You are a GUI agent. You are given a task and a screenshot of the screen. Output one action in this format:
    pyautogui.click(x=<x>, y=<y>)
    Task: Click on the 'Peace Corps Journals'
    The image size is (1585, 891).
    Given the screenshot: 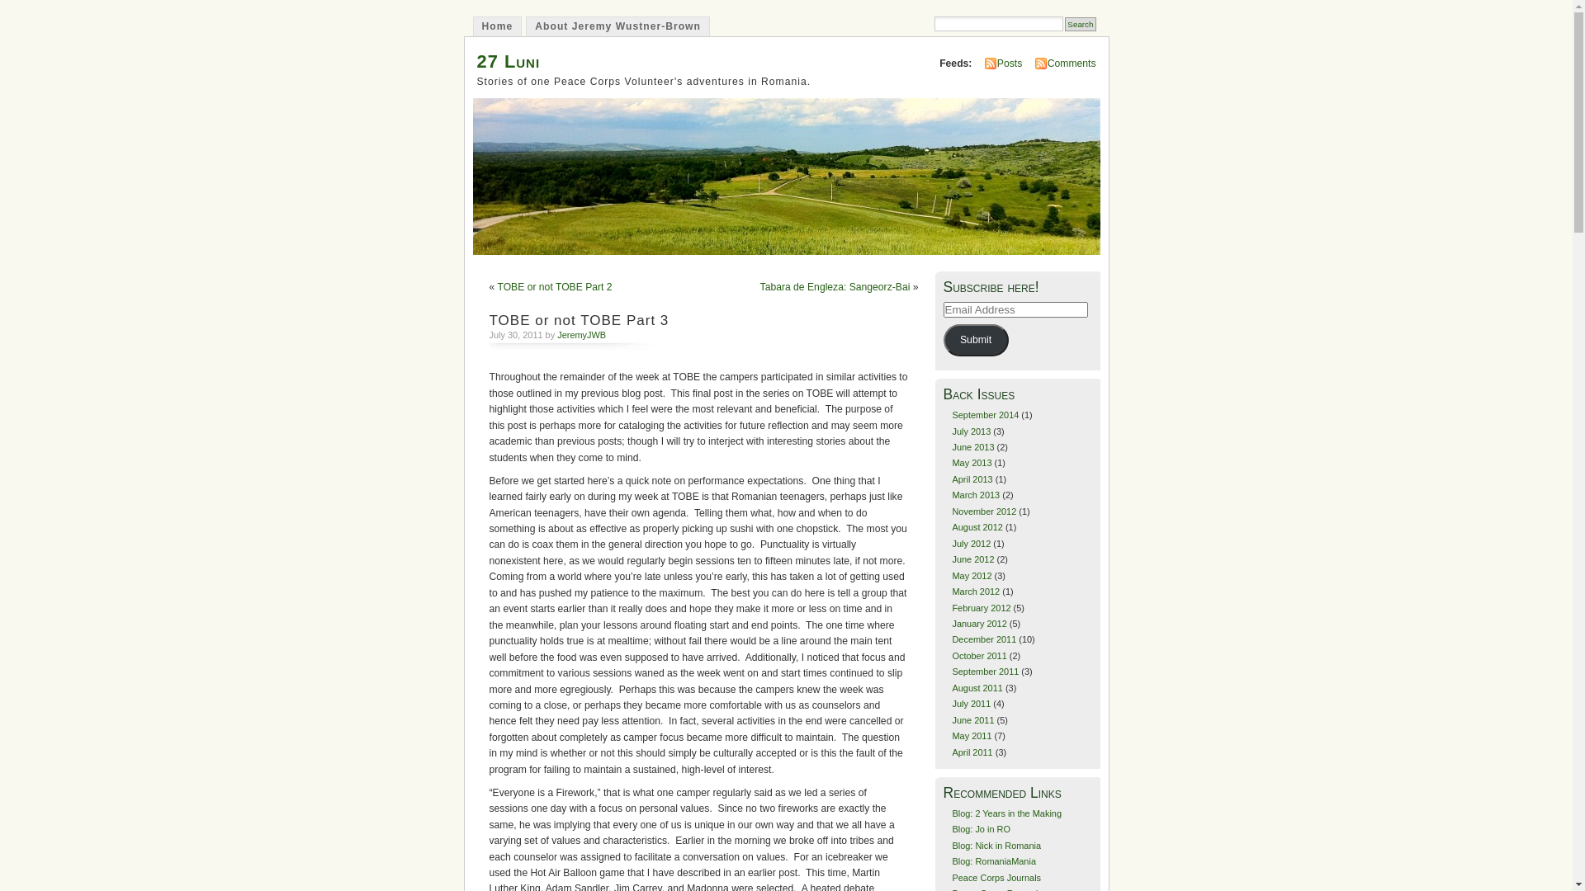 What is the action you would take?
    pyautogui.click(x=995, y=877)
    